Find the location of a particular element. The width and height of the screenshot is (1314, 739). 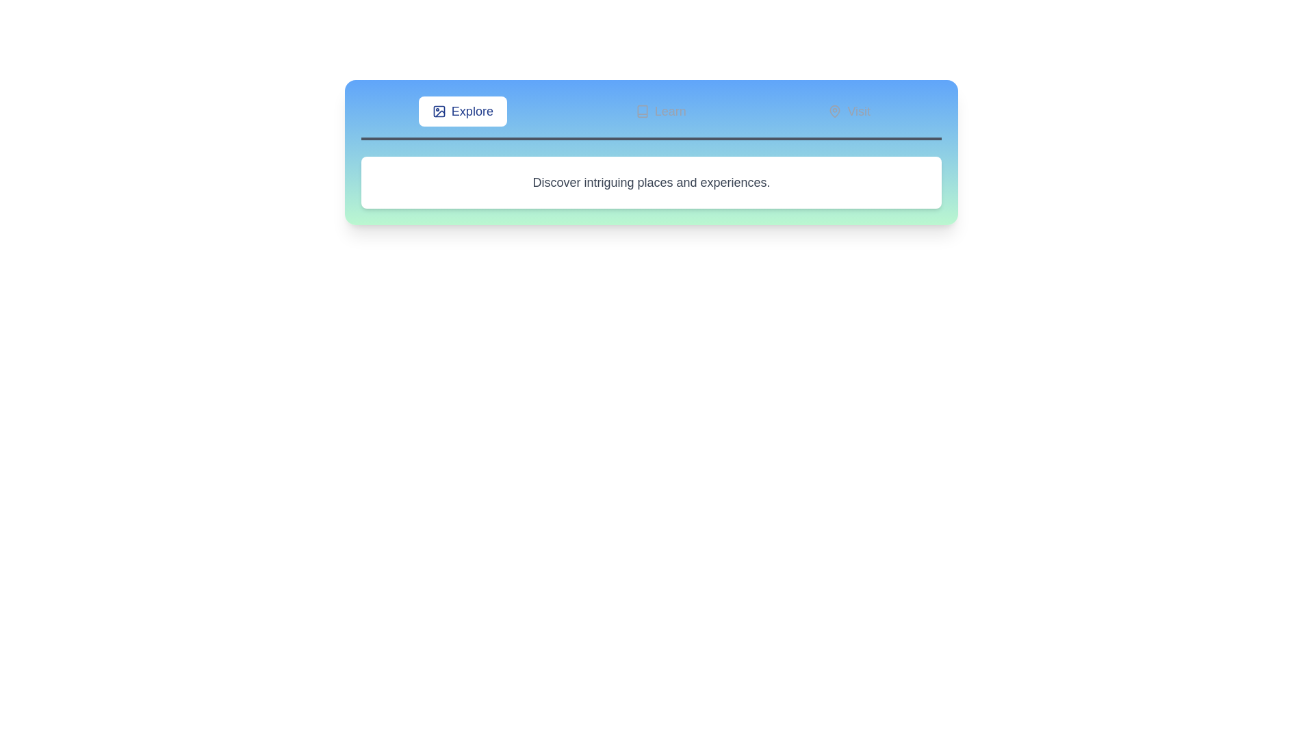

the appearance of the pin icon located within the 'Visit' button area on the top-right side of the horizontal menu bar is located at coordinates (834, 110).